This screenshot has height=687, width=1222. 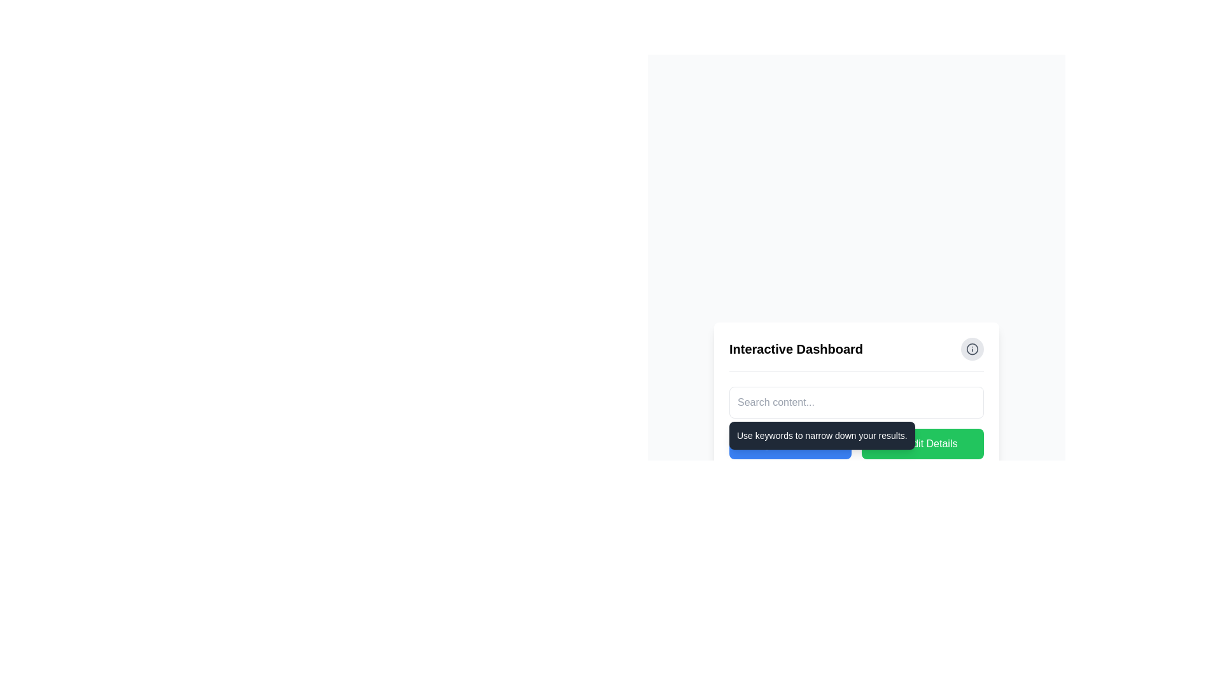 What do you see at coordinates (971, 349) in the screenshot?
I see `the information button located on the right side of the header bar for the 'Interactive Dashboard' section` at bounding box center [971, 349].